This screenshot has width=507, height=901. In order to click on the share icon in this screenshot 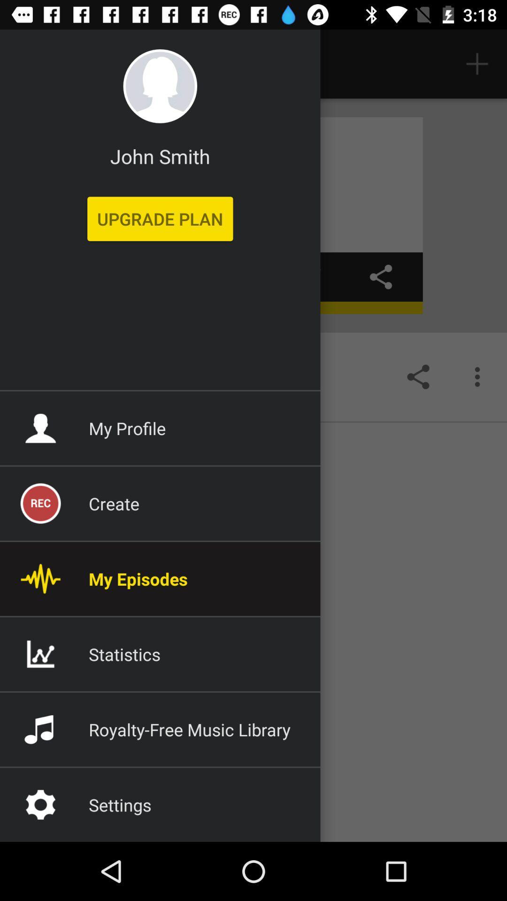, I will do `click(381, 276)`.